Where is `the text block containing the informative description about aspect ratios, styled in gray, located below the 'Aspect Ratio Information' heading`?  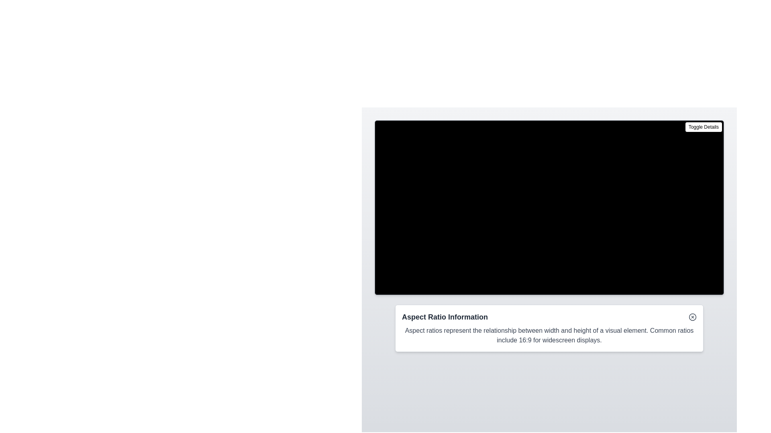 the text block containing the informative description about aspect ratios, styled in gray, located below the 'Aspect Ratio Information' heading is located at coordinates (549, 336).